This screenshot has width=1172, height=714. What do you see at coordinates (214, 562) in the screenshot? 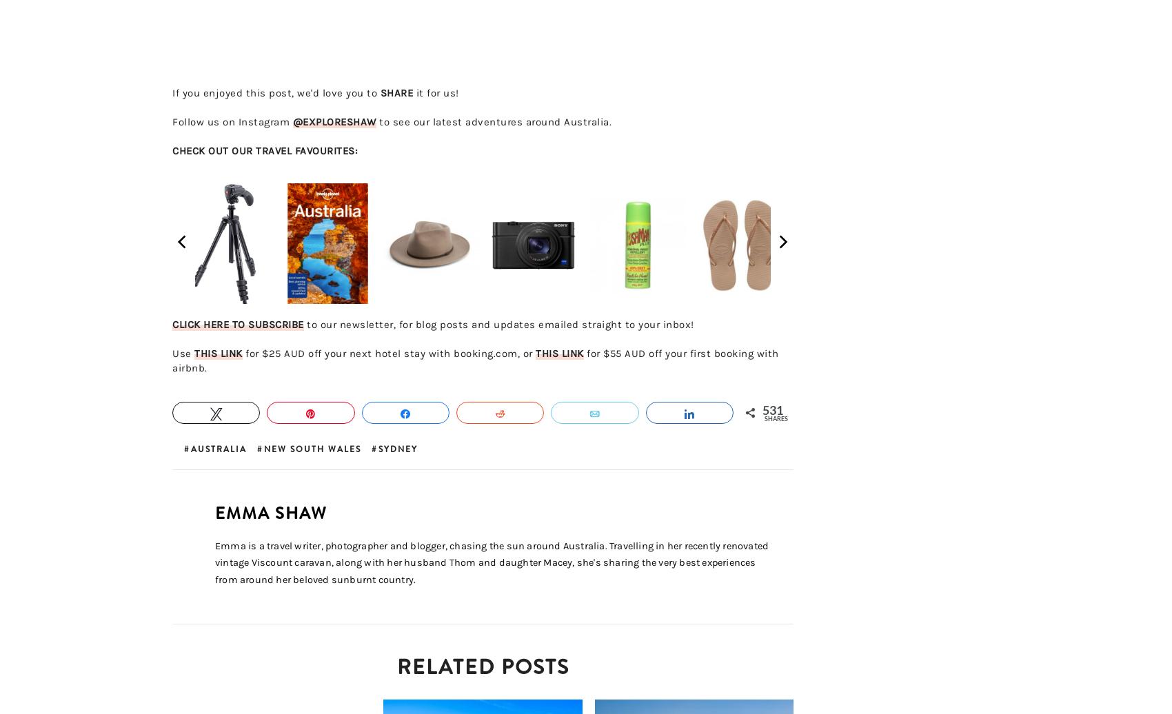
I see `'Emma is a travel writer, photographer and blogger, chasing the sun around Australia. Travelling in her recently renovated vintage Viscount caravan, along with her husband Thom and daughter Macey, she's sharing the very best experiences from around her beloved sunburnt country.'` at bounding box center [214, 562].